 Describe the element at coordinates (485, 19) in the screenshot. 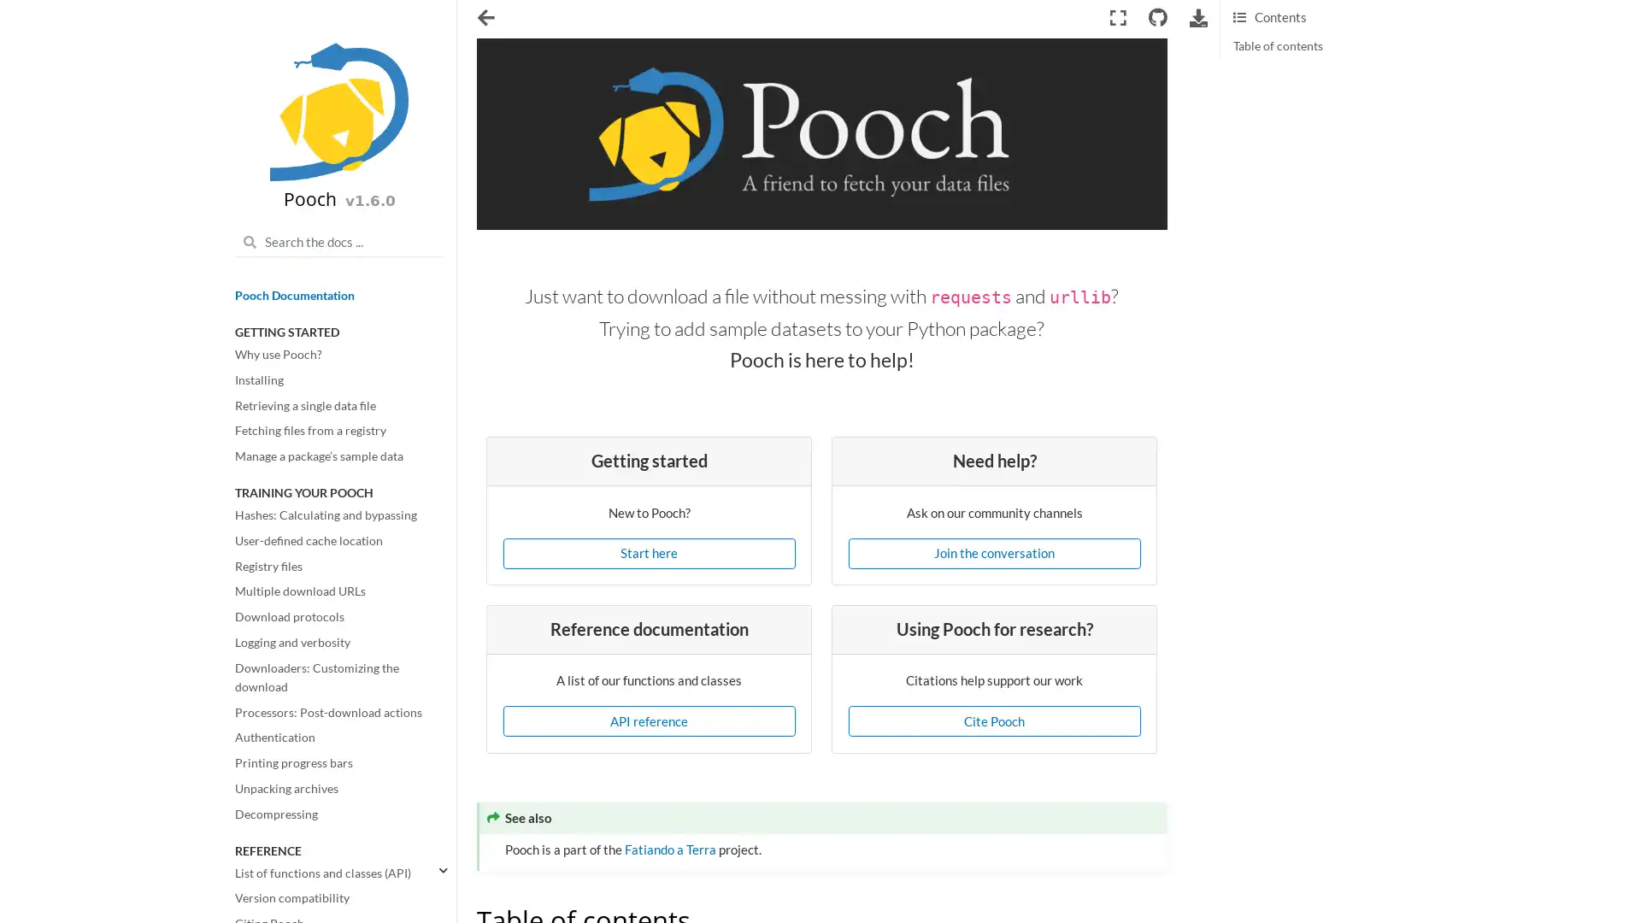

I see `Toggle navigation` at that location.